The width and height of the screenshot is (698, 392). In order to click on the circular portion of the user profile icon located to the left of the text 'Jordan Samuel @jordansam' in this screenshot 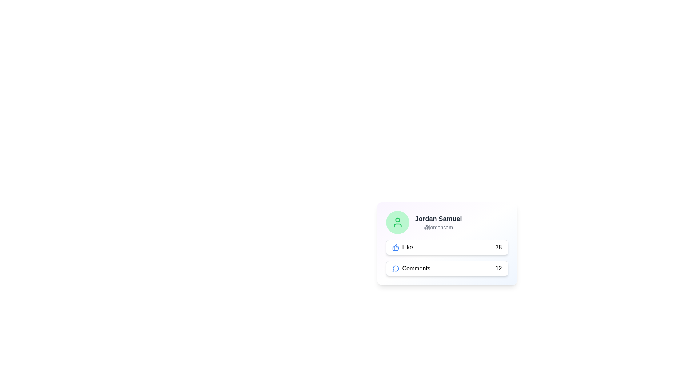, I will do `click(397, 220)`.